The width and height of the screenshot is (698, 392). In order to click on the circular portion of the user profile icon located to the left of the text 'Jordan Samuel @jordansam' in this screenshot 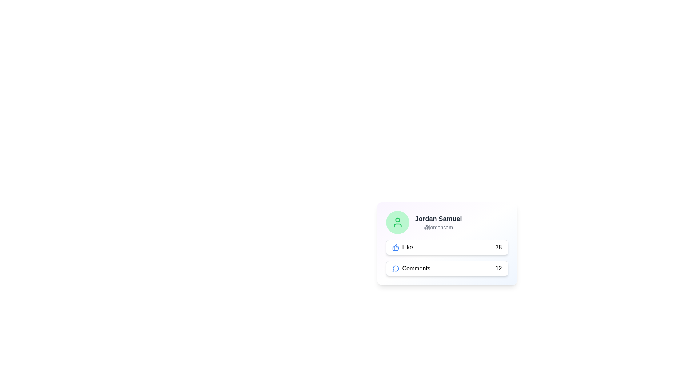, I will do `click(397, 220)`.